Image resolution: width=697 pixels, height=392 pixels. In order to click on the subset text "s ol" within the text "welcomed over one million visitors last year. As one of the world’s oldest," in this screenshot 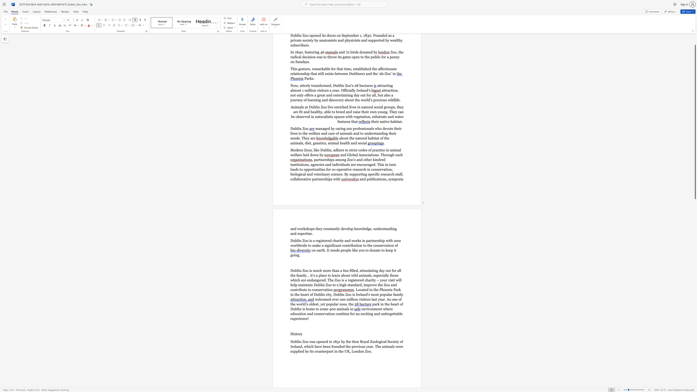, I will do `click(306, 304)`.